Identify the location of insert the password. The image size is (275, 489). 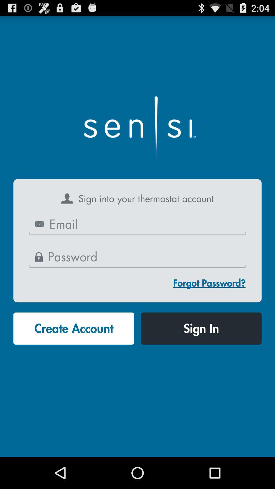
(137, 257).